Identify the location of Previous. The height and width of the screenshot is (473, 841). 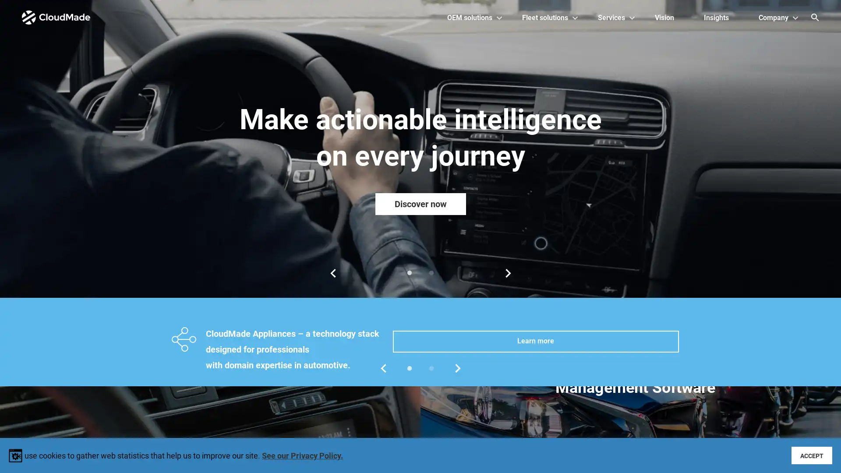
(332, 273).